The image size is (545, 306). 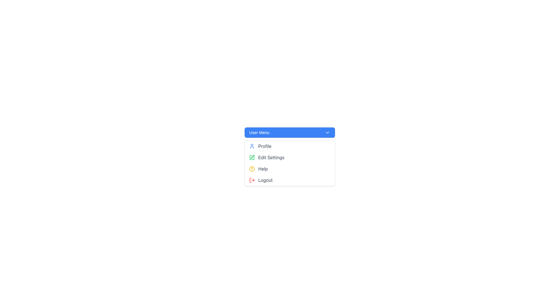 I want to click on the downward chevron icon located on the right end of the 'User Menu' blue button, so click(x=327, y=132).